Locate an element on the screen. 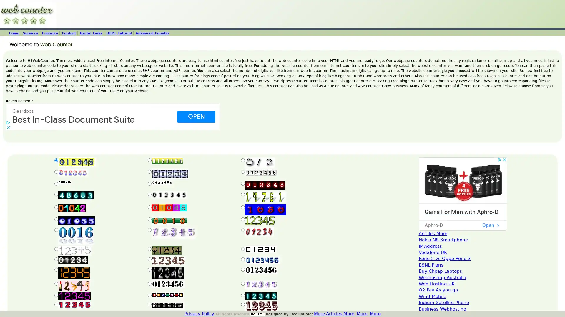 Image resolution: width=565 pixels, height=317 pixels. Submit is located at coordinates (73, 172).